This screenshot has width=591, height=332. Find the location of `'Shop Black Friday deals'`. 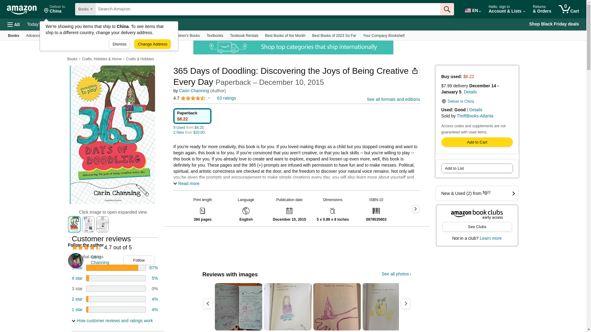

'Shop Black Friday deals' is located at coordinates (554, 24).